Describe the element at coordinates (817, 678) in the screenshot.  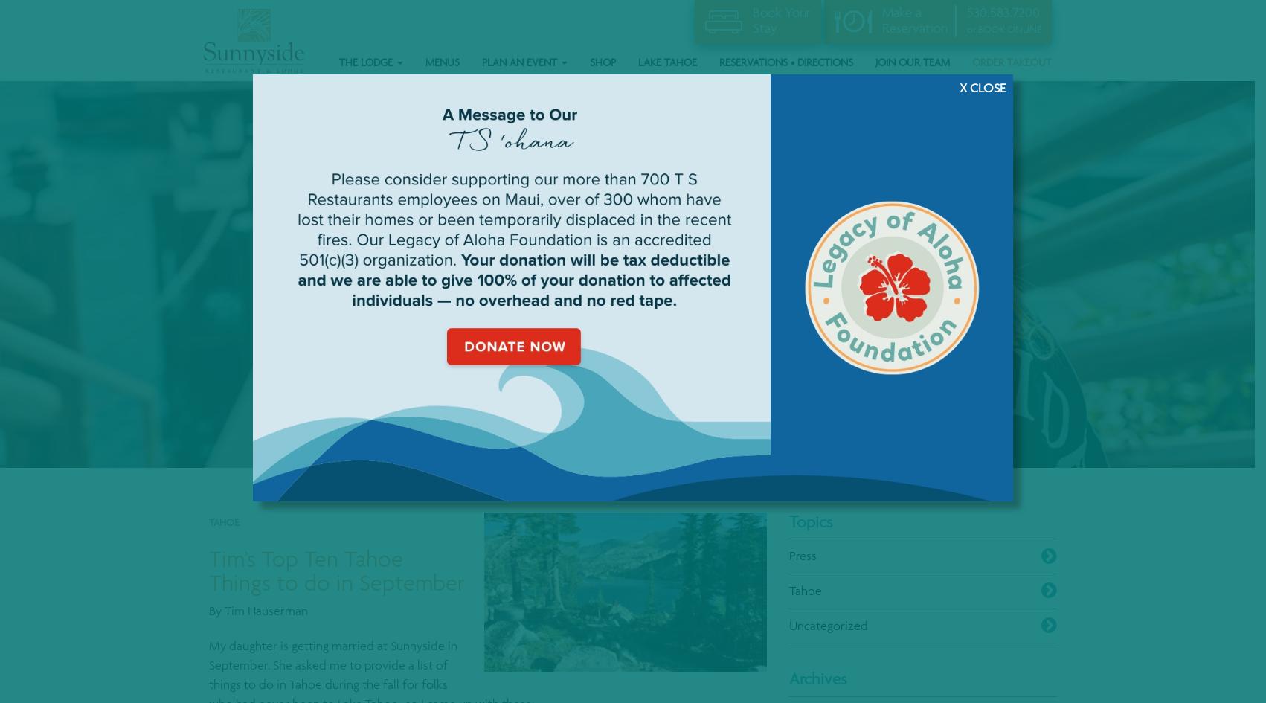
I see `'Archives'` at that location.